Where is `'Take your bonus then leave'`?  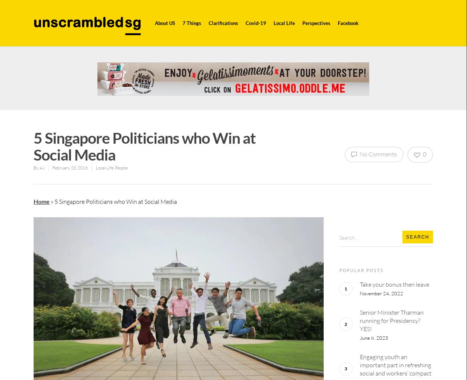 'Take your bonus then leave' is located at coordinates (393, 284).